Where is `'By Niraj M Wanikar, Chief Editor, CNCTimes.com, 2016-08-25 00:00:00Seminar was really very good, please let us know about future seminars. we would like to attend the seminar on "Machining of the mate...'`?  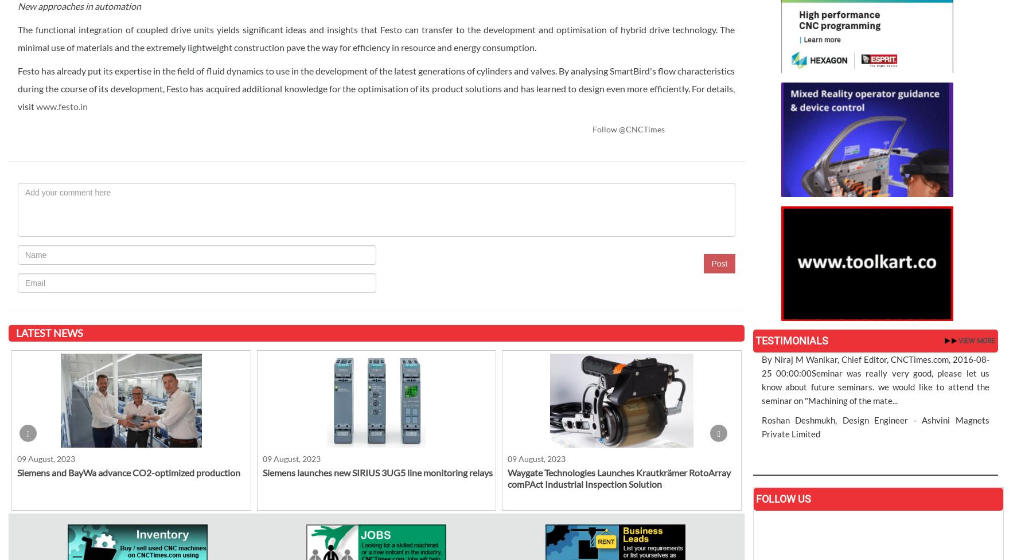
'By Niraj M Wanikar, Chief Editor, CNCTimes.com, 2016-08-25 00:00:00Seminar was really very good, please let us know about future seminars. we would like to attend the seminar on "Machining of the mate...' is located at coordinates (875, 379).